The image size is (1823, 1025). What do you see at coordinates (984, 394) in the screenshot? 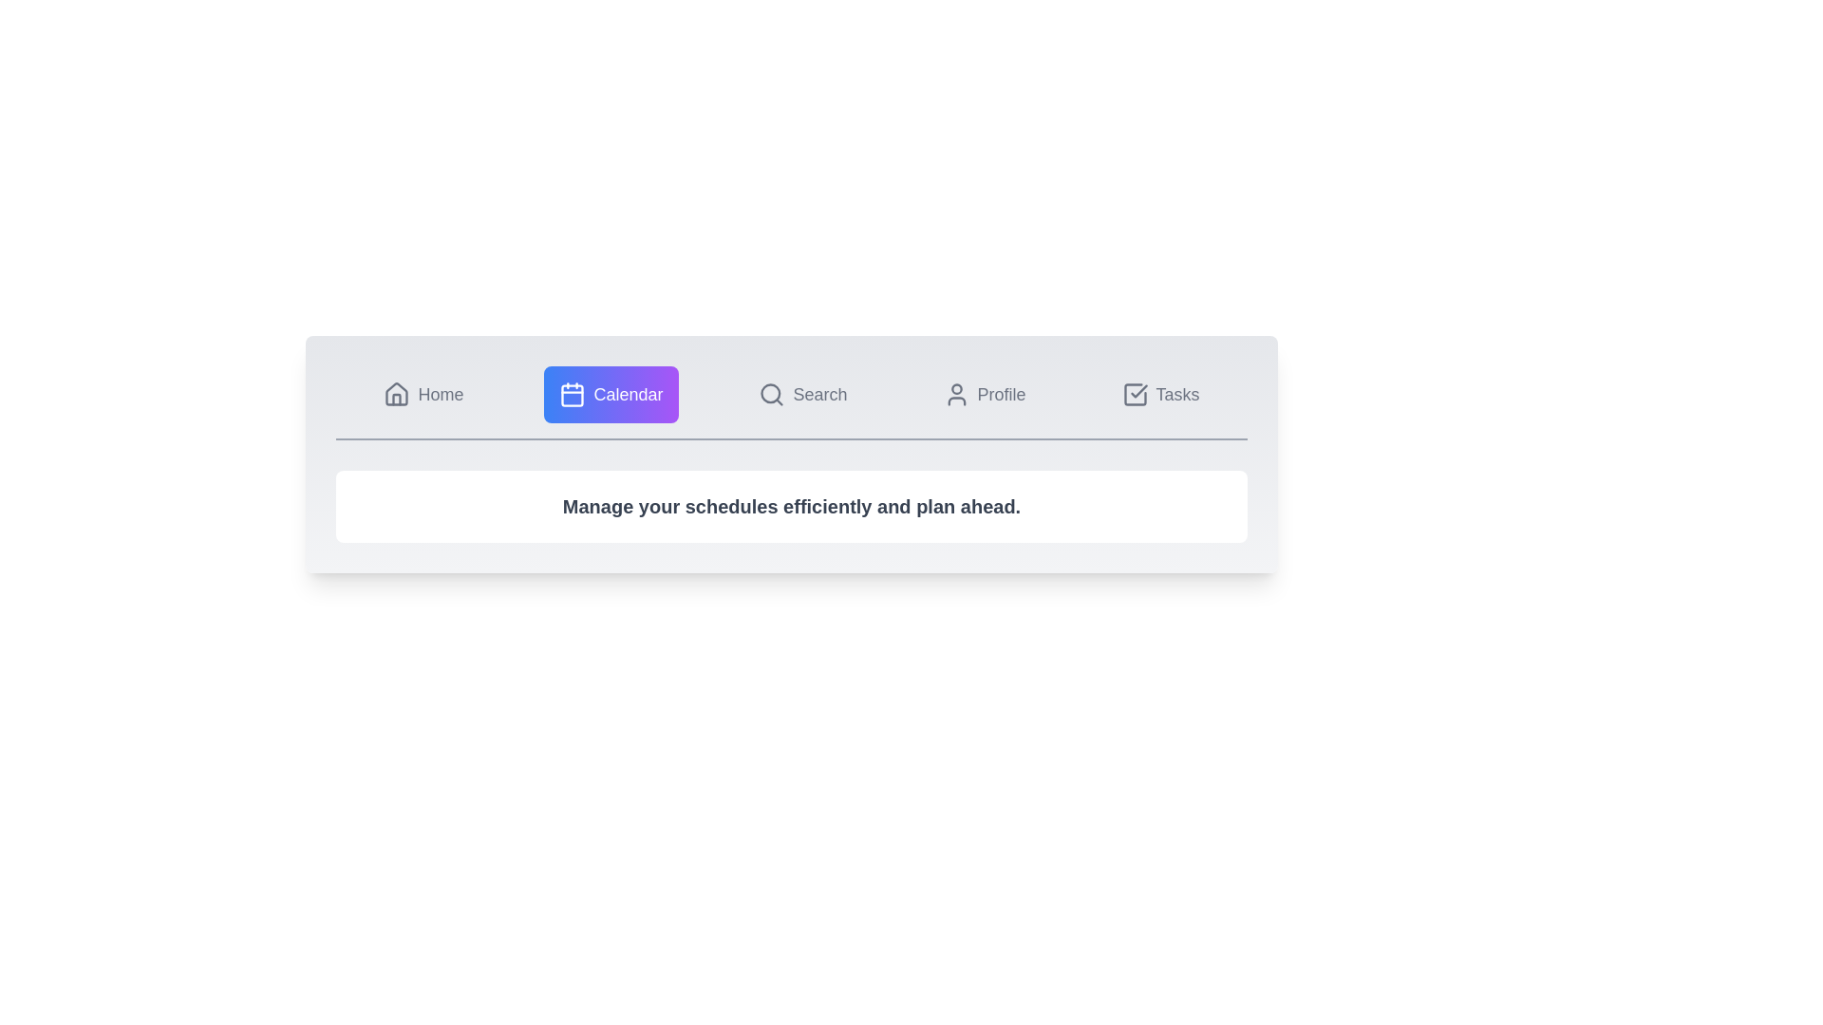
I see `the Profile tab` at bounding box center [984, 394].